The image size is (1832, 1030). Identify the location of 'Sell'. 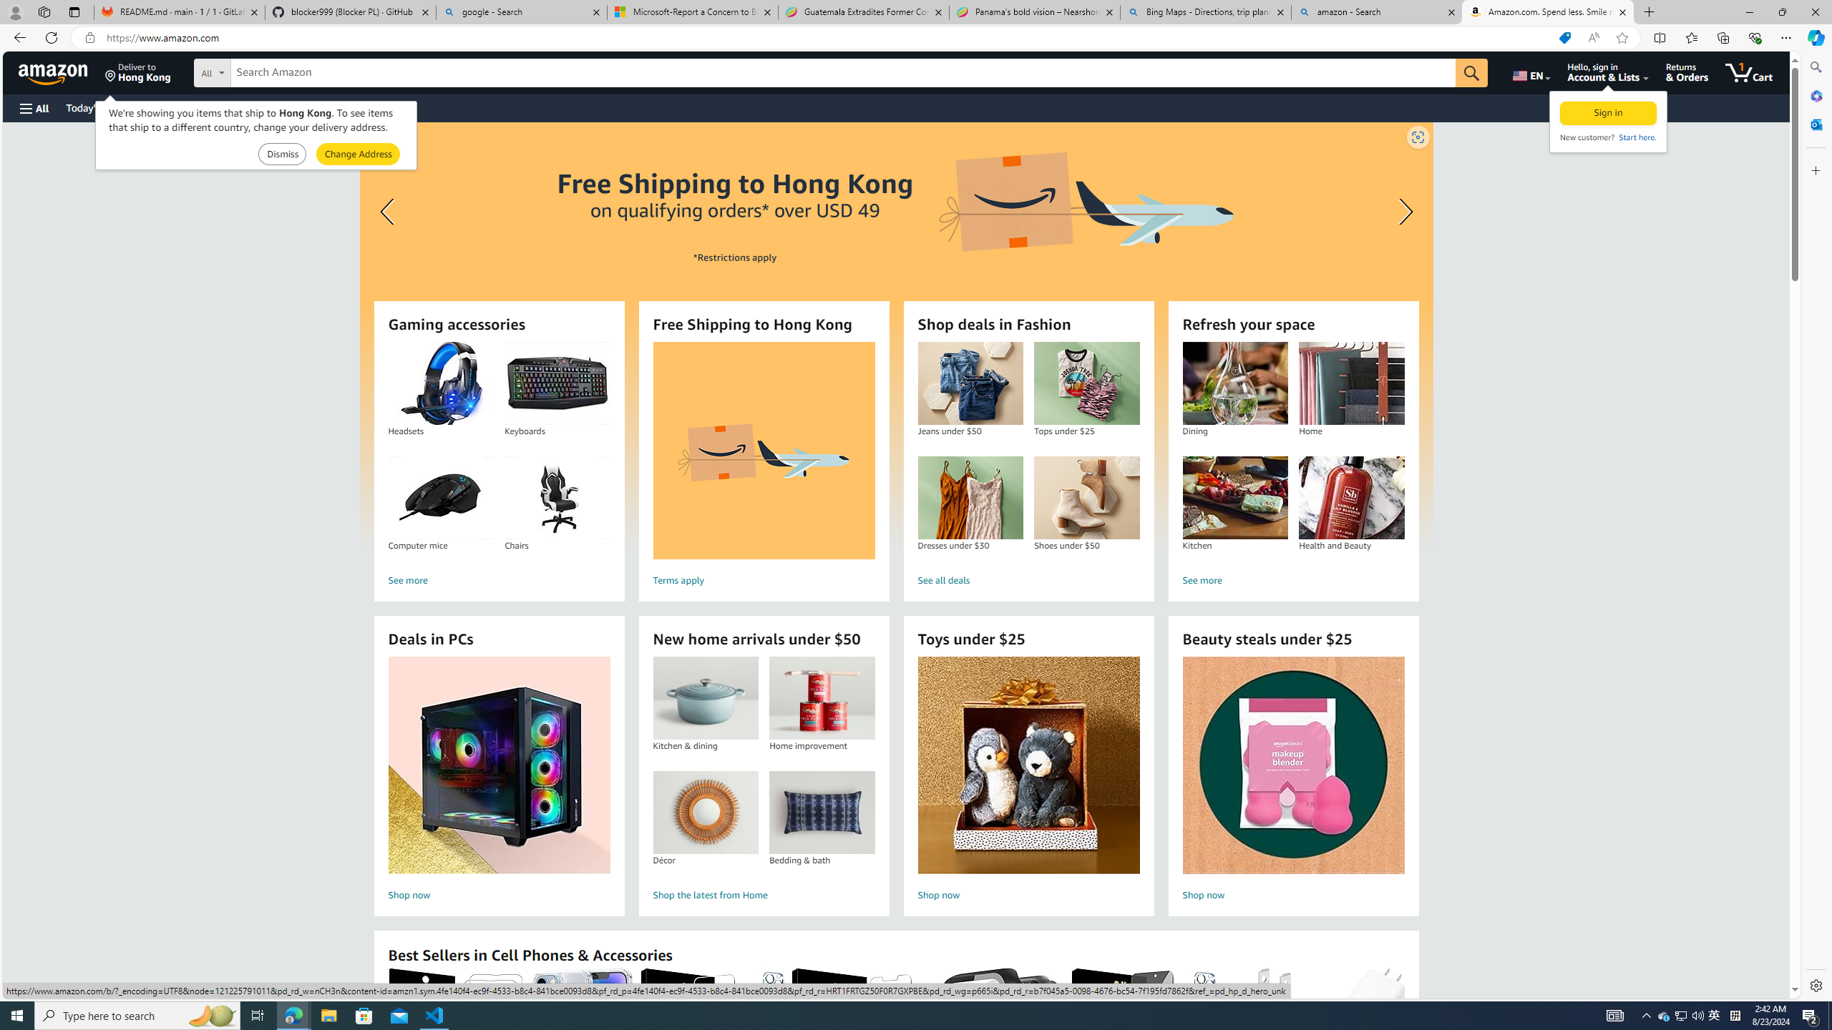
(364, 107).